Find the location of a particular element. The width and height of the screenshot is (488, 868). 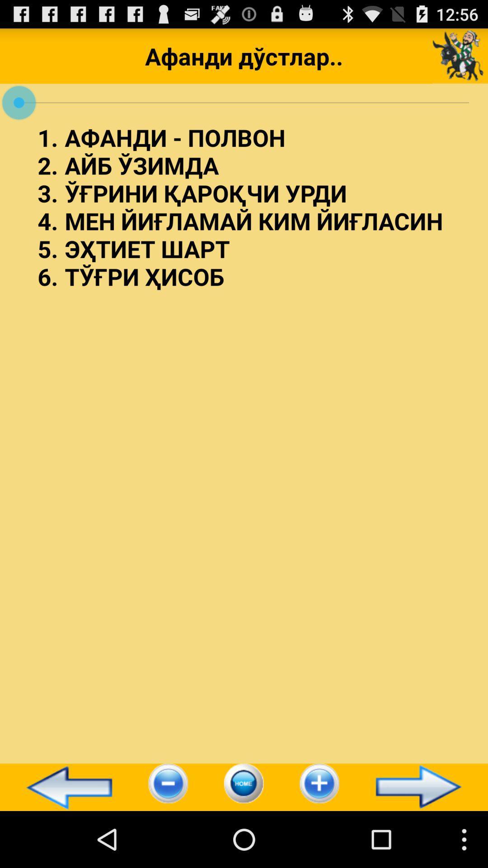

the arrow_forward icon is located at coordinates (422, 842).